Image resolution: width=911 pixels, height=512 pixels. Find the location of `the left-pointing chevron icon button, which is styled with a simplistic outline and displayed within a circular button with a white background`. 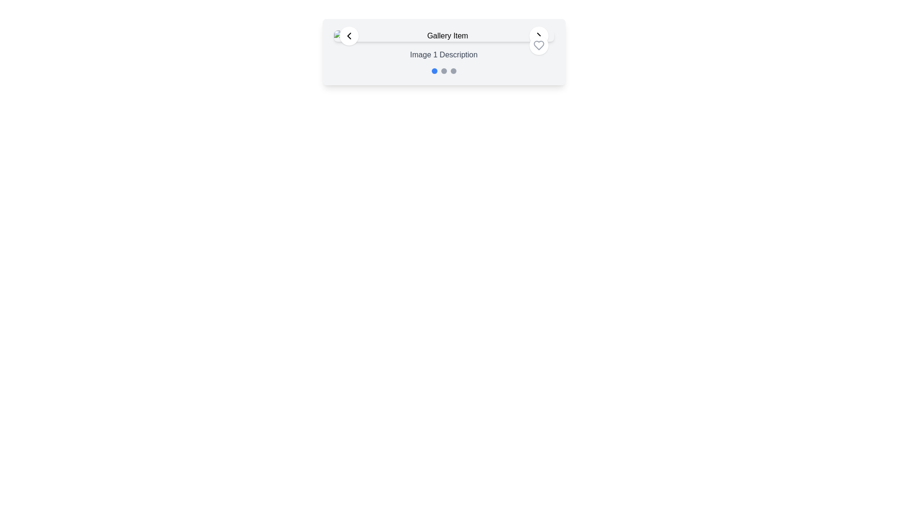

the left-pointing chevron icon button, which is styled with a simplistic outline and displayed within a circular button with a white background is located at coordinates (348, 36).